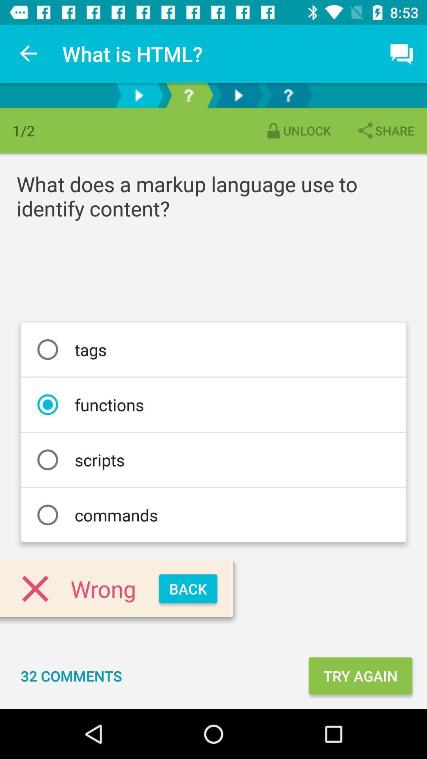  Describe the element at coordinates (71, 675) in the screenshot. I see `32 comments item` at that location.